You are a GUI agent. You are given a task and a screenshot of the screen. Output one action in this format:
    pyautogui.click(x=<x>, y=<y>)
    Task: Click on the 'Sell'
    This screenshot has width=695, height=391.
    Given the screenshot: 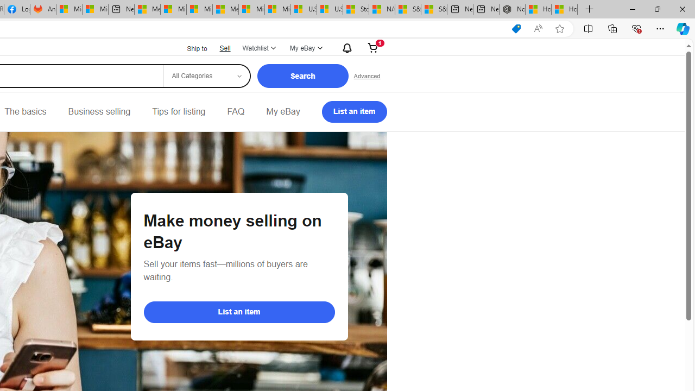 What is the action you would take?
    pyautogui.click(x=224, y=47)
    